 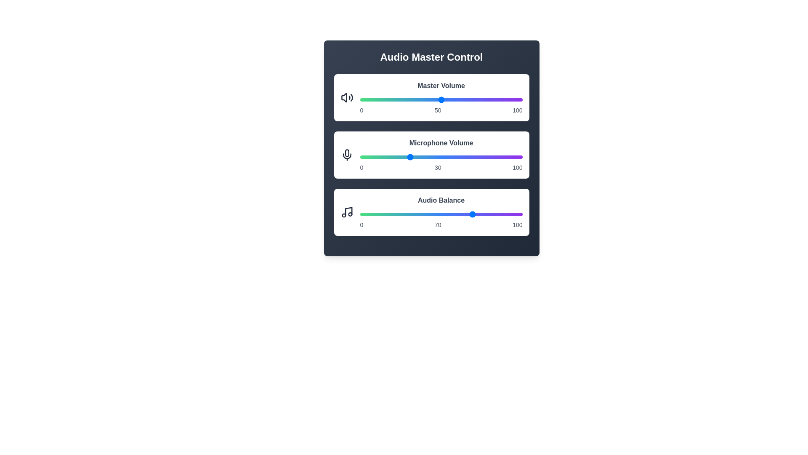 What do you see at coordinates (463, 99) in the screenshot?
I see `the Master Volume slider to 64%` at bounding box center [463, 99].